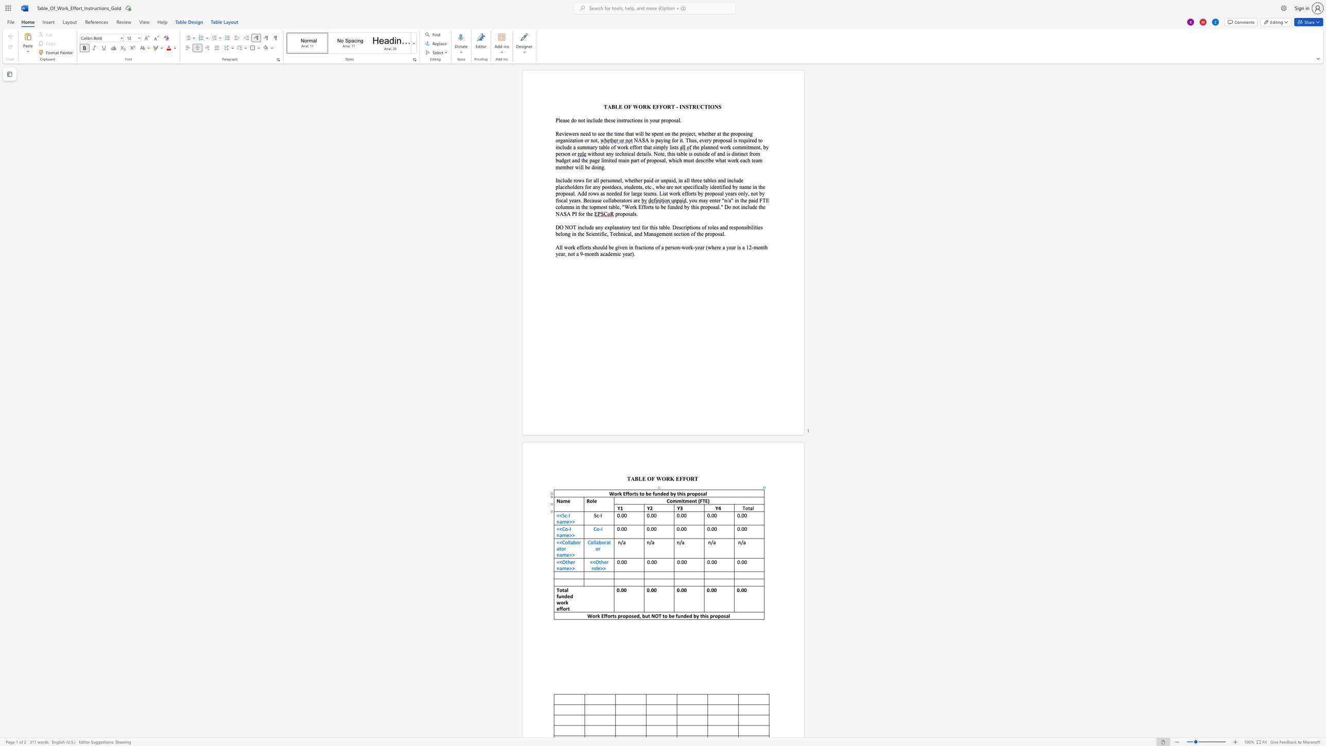 This screenshot has width=1326, height=746. I want to click on the 1th character "C" in the text, so click(564, 529).